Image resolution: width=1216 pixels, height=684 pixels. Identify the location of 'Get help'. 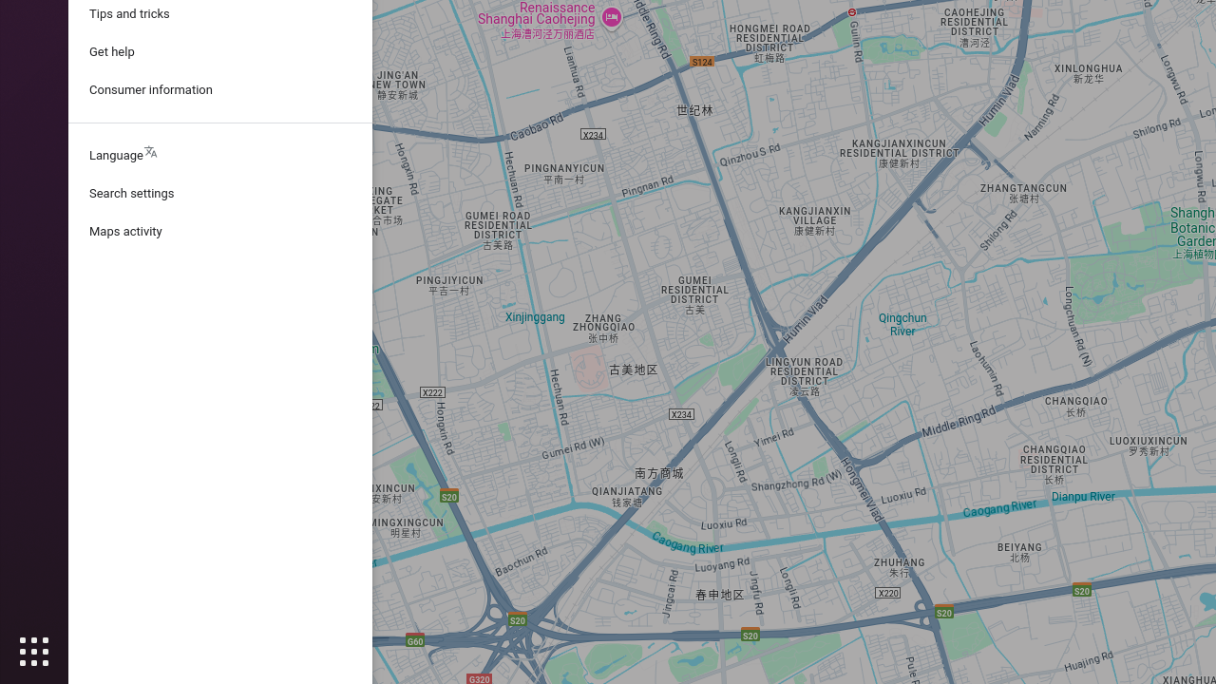
(219, 51).